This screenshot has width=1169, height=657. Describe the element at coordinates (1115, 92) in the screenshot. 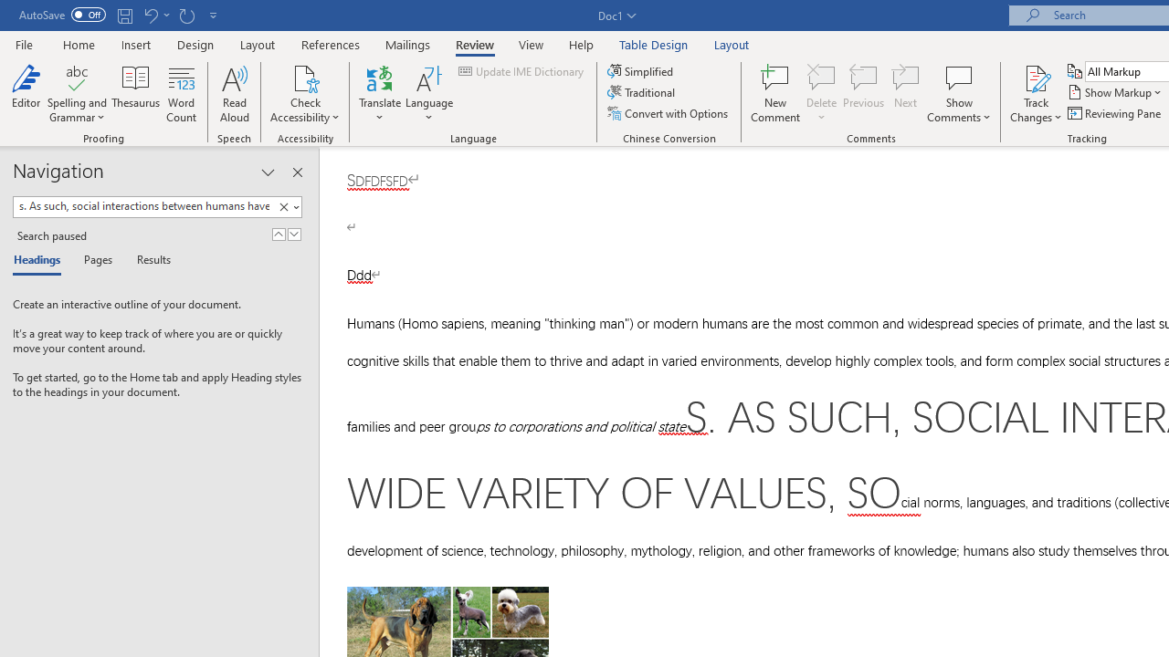

I see `'Show Markup'` at that location.